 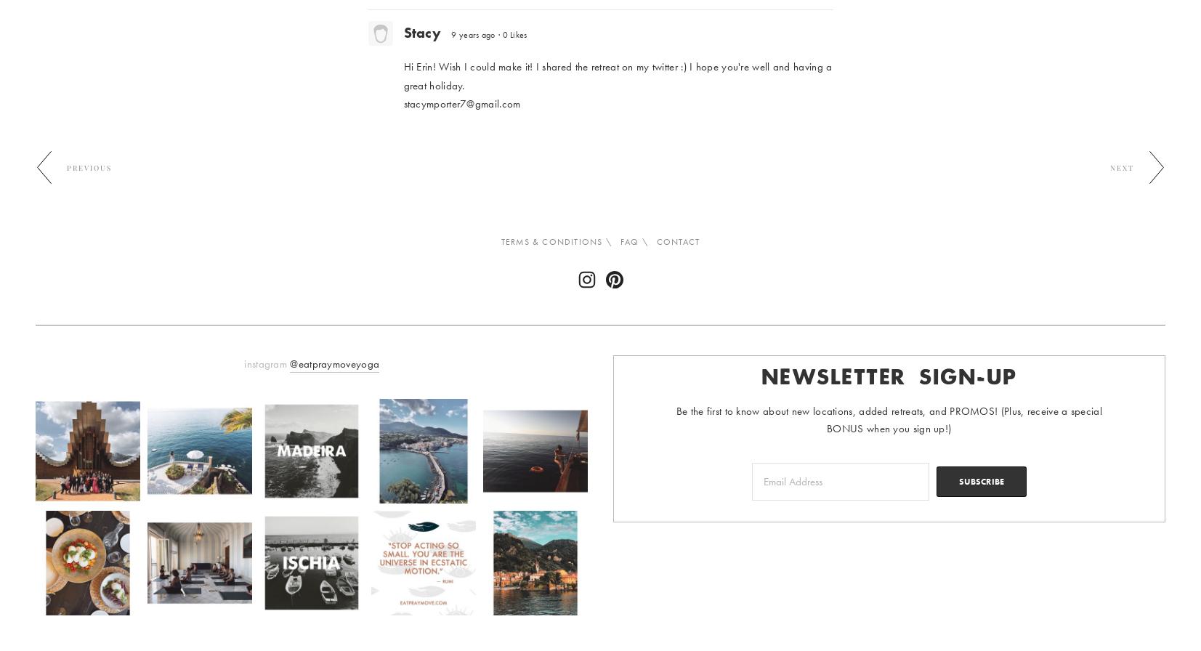 I want to click on 'Hi Erin! Wish I could make it! I shared the retreat on my twitter :) I hope you're well and having a great holiday.', so click(x=617, y=76).